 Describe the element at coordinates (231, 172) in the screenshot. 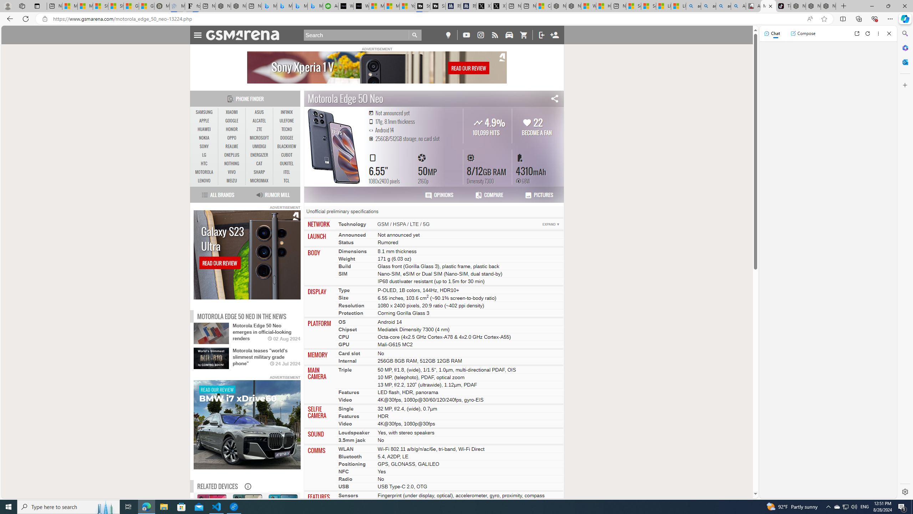

I see `'VIVO'` at that location.